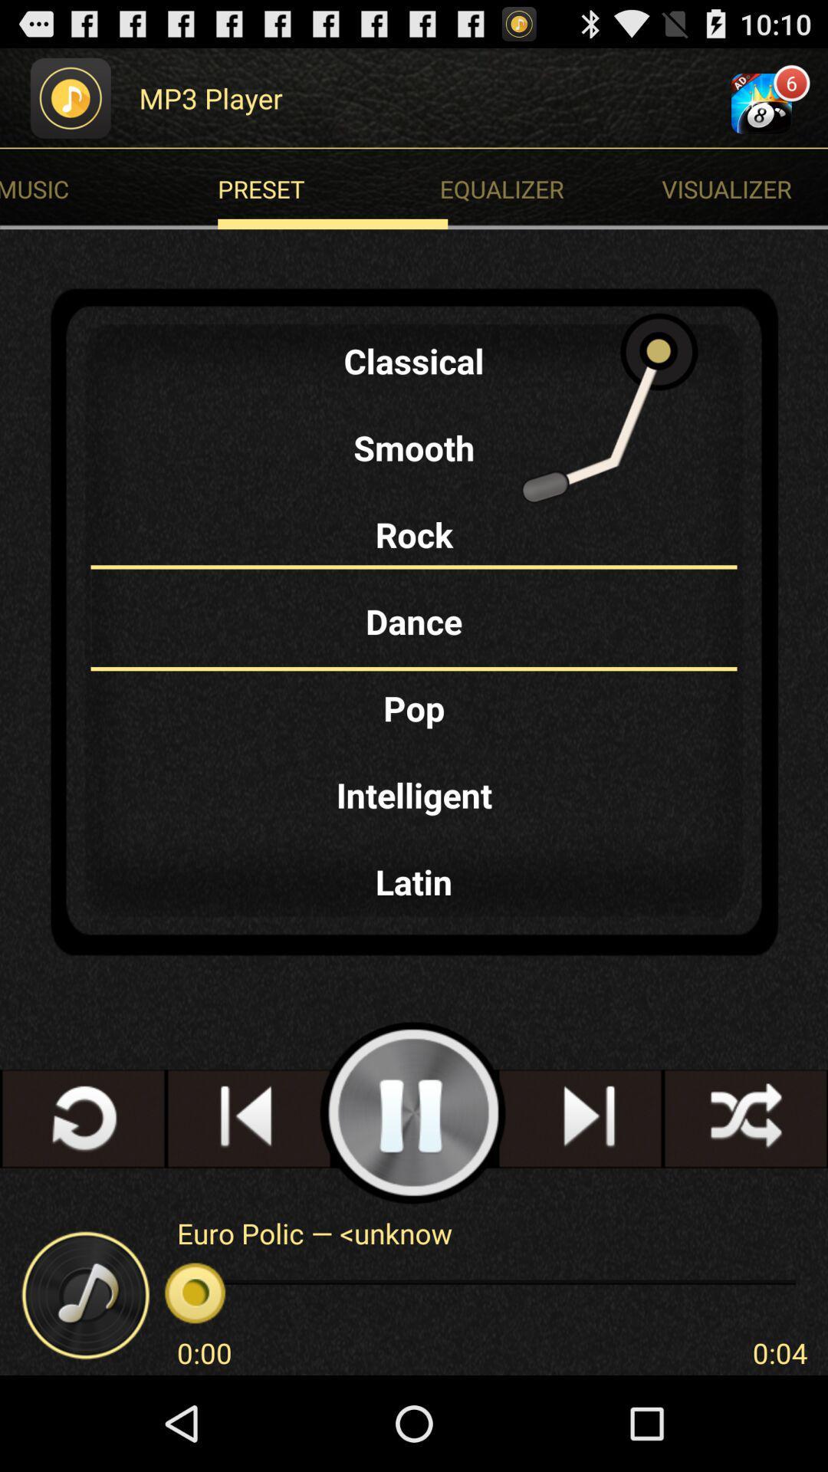 The image size is (828, 1472). Describe the element at coordinates (332, 188) in the screenshot. I see `preset at the top` at that location.